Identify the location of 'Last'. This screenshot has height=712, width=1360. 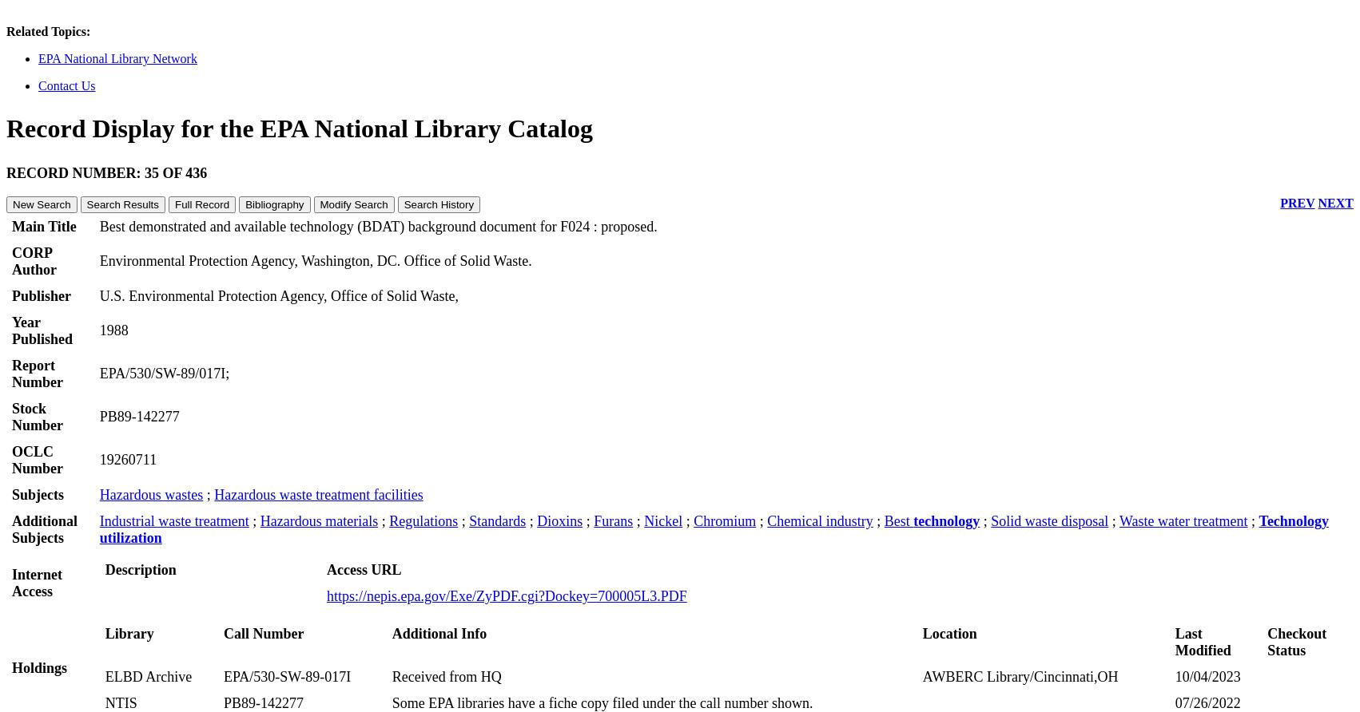
(1188, 631).